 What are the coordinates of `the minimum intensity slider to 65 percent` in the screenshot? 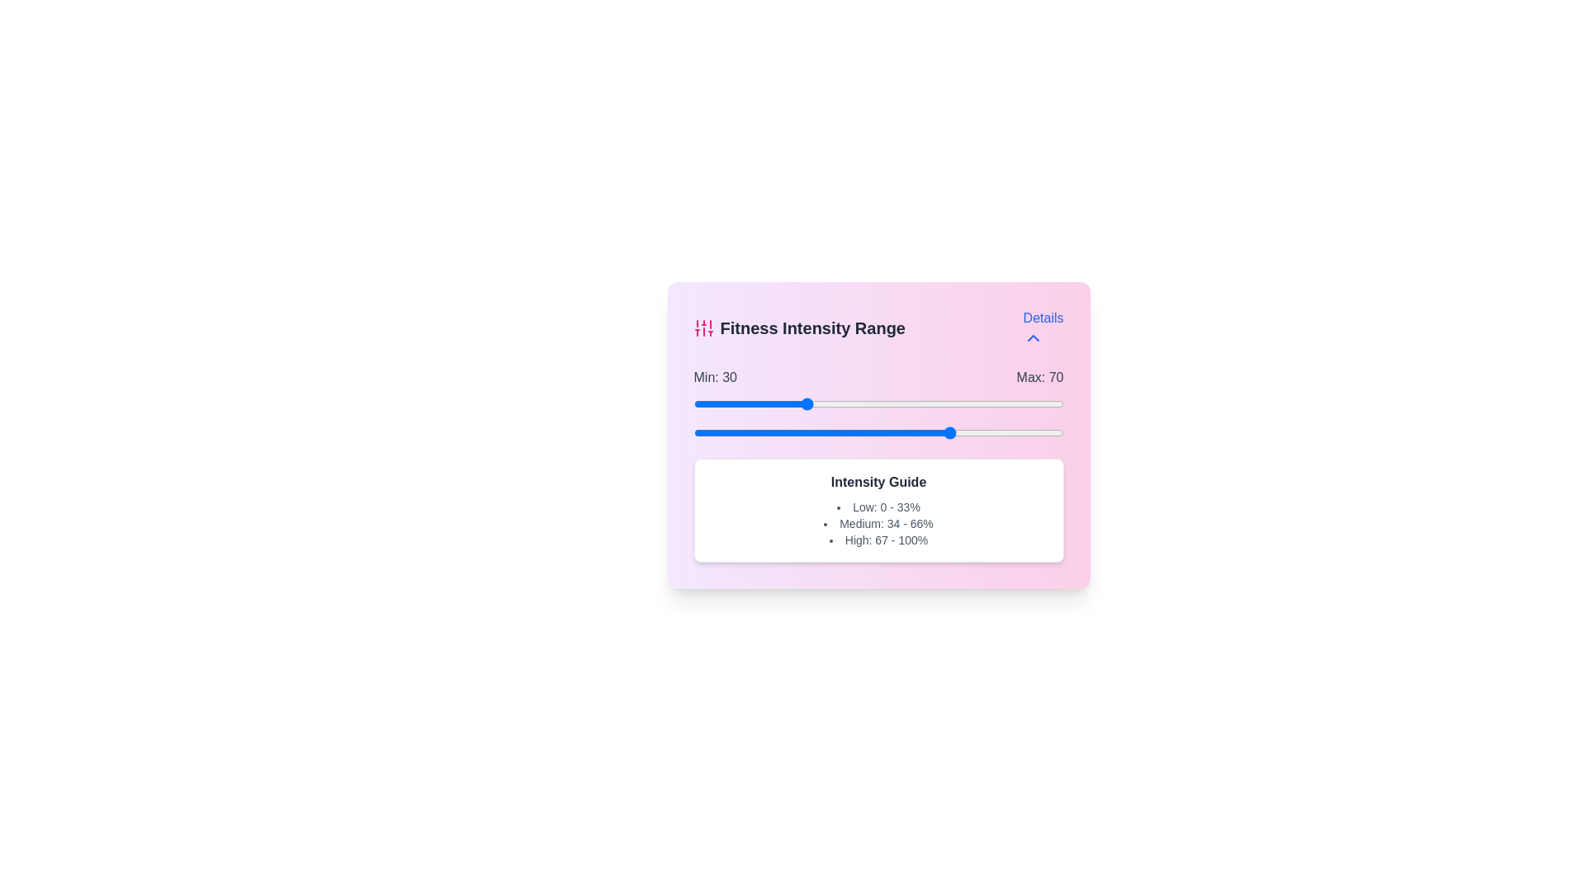 It's located at (934, 403).